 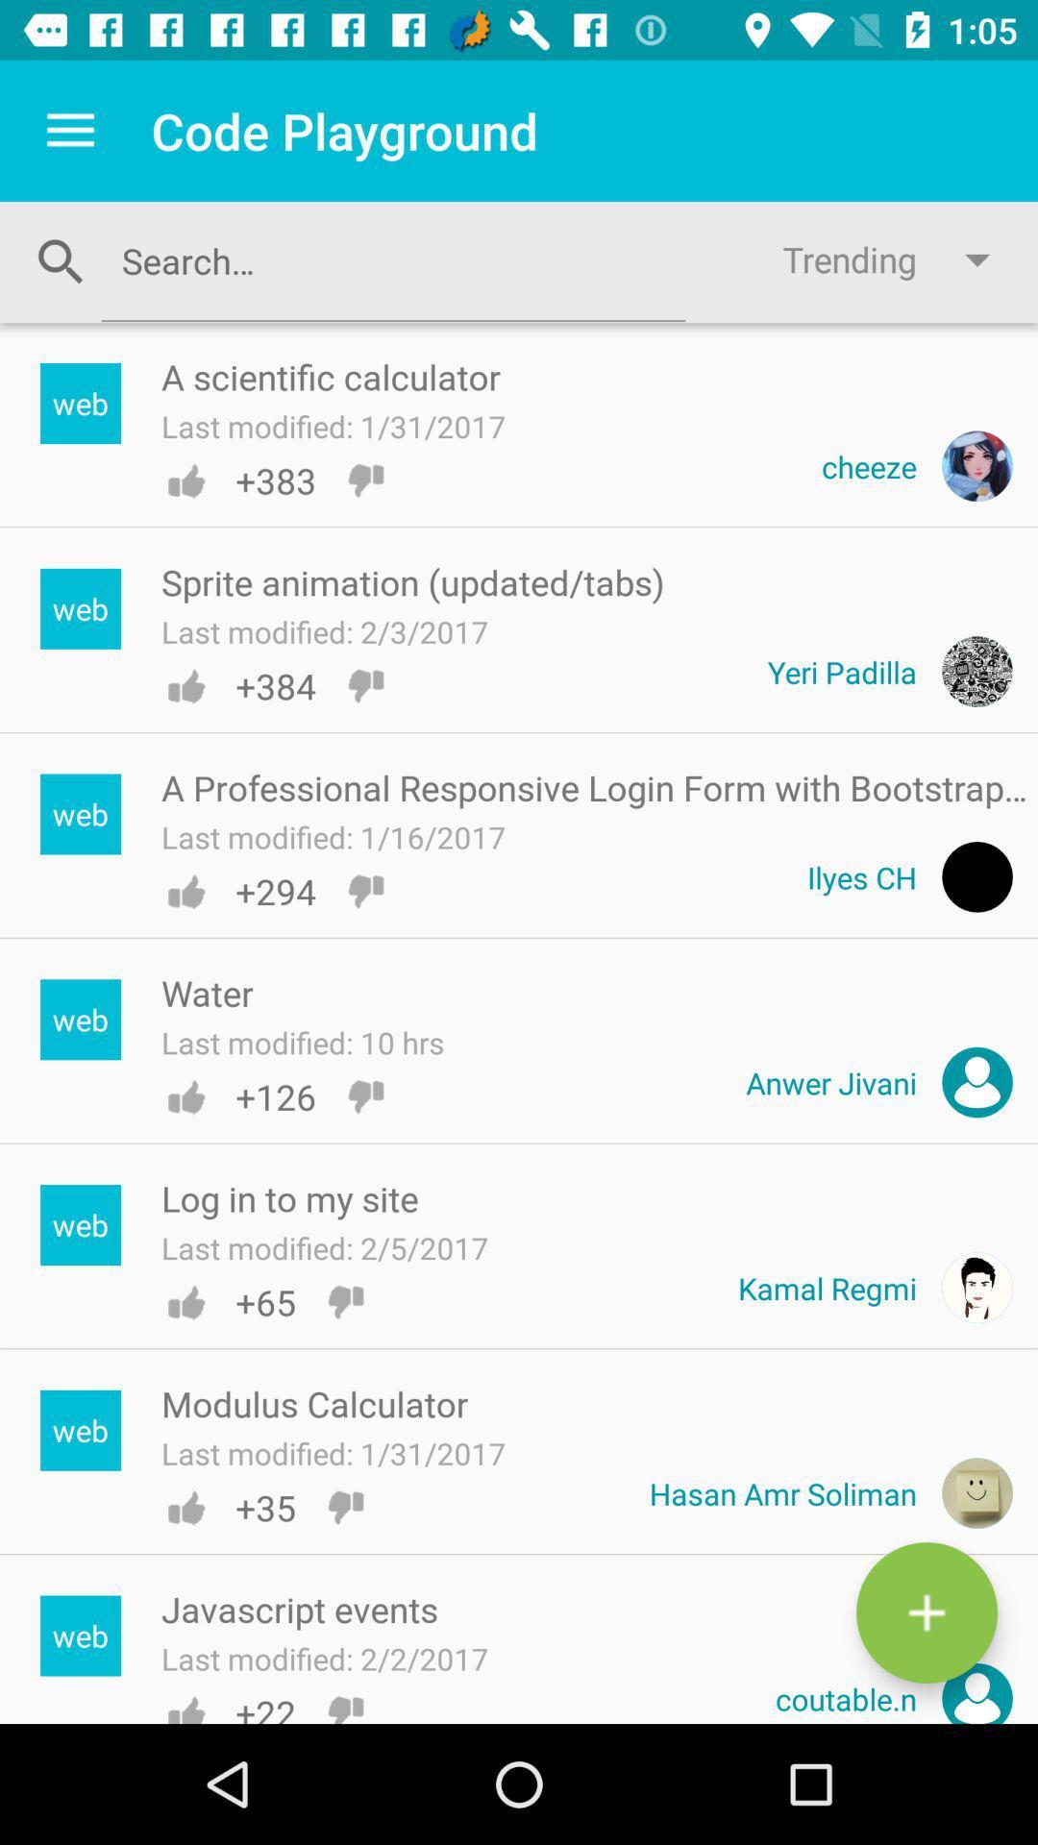 What do you see at coordinates (926, 1612) in the screenshot?
I see `the add icon` at bounding box center [926, 1612].